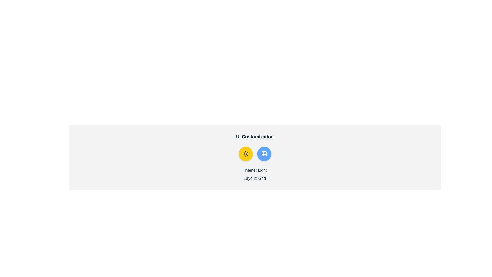  Describe the element at coordinates (245, 154) in the screenshot. I see `the theme toggle button located in the UI Customization section, which is the first button to the left of the blue circular layout settings button, to observe any hover effects` at that location.